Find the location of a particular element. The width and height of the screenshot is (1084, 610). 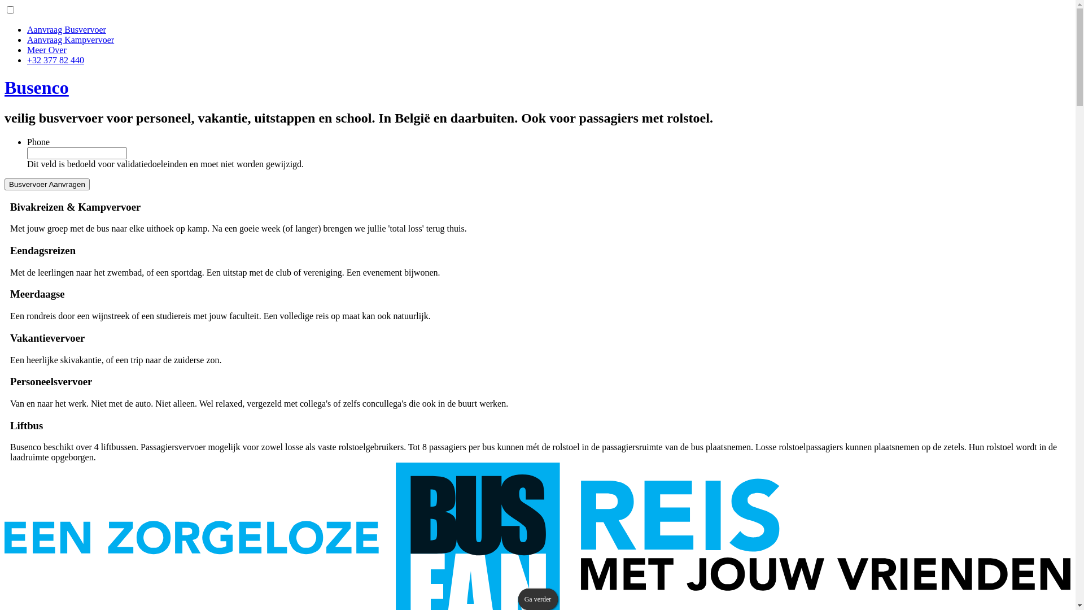

'Aanvraag Busvervoer' is located at coordinates (66, 29).